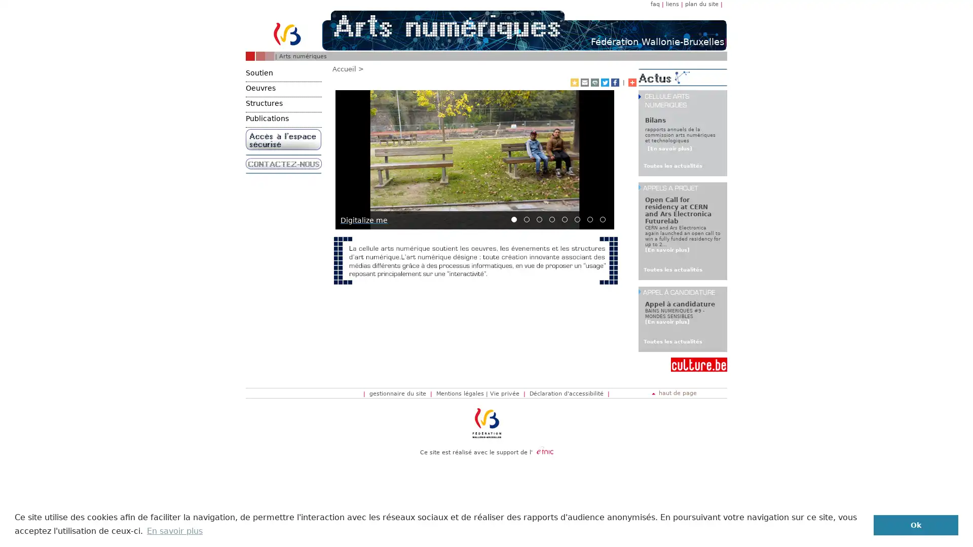 The width and height of the screenshot is (973, 547). What do you see at coordinates (916, 524) in the screenshot?
I see `dismiss cookie message` at bounding box center [916, 524].